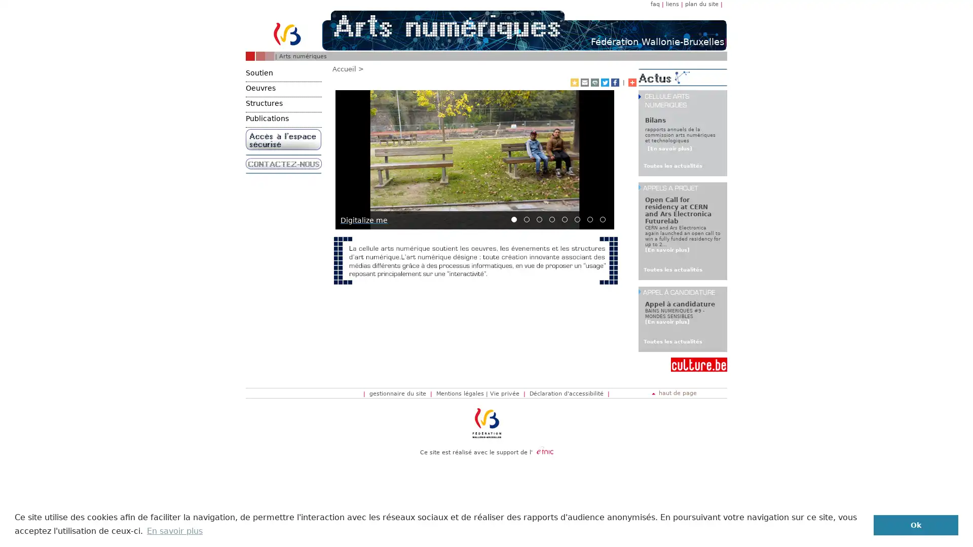 The width and height of the screenshot is (973, 547). What do you see at coordinates (916, 524) in the screenshot?
I see `dismiss cookie message` at bounding box center [916, 524].